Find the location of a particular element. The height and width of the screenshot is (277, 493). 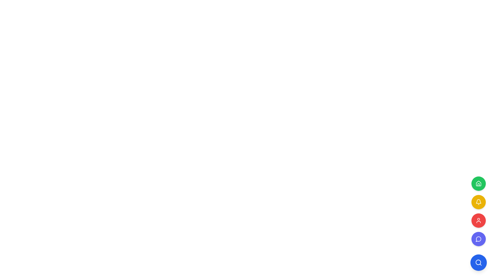

the user profile button located third from the top in a vertical stack of circular buttons on the right side of the interface is located at coordinates (478, 220).